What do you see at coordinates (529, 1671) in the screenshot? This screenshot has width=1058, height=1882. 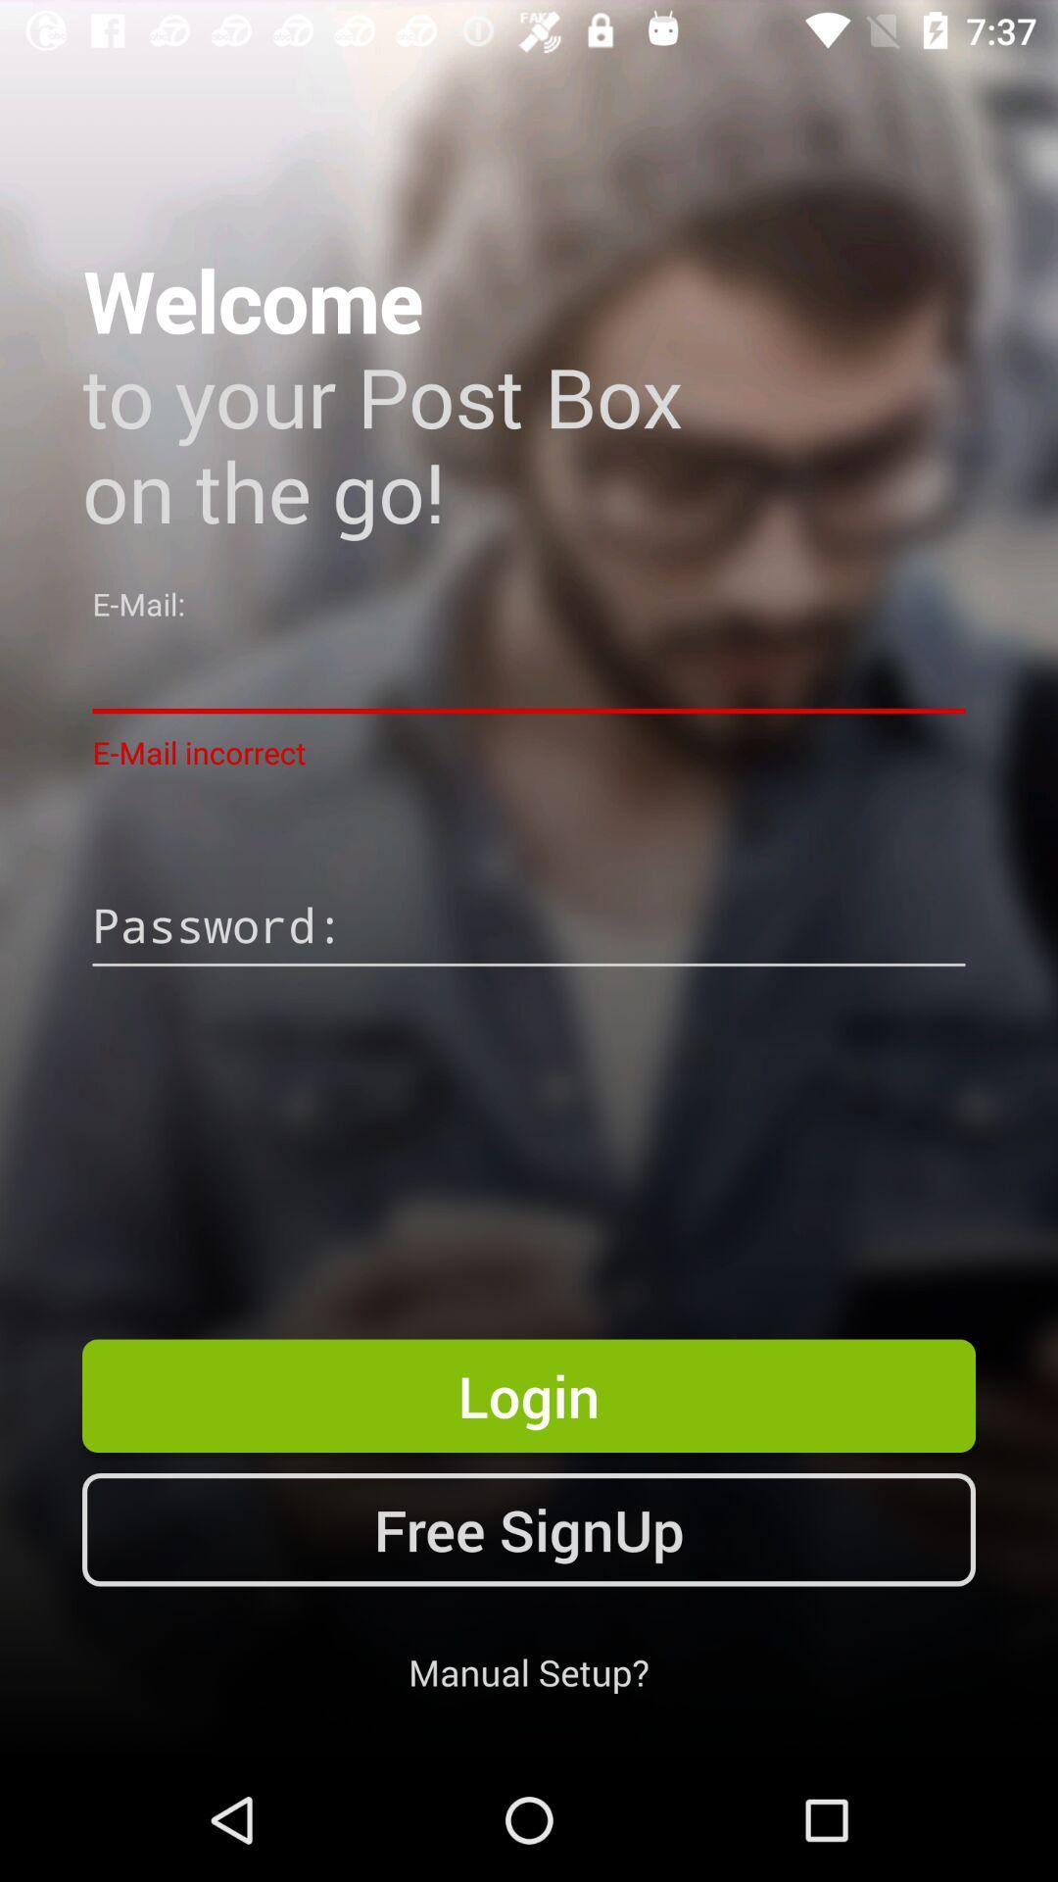 I see `item below the free signup icon` at bounding box center [529, 1671].